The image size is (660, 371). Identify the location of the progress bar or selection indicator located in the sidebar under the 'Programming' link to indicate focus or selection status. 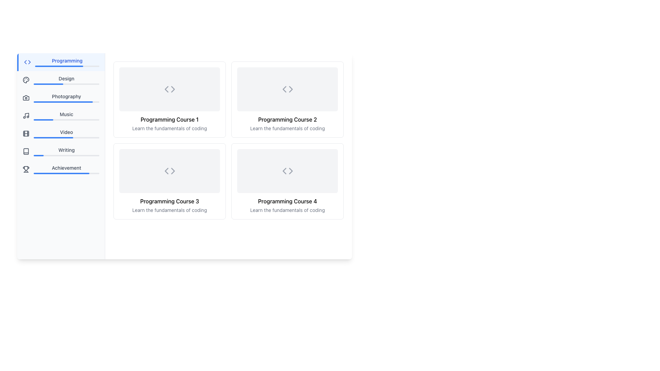
(59, 66).